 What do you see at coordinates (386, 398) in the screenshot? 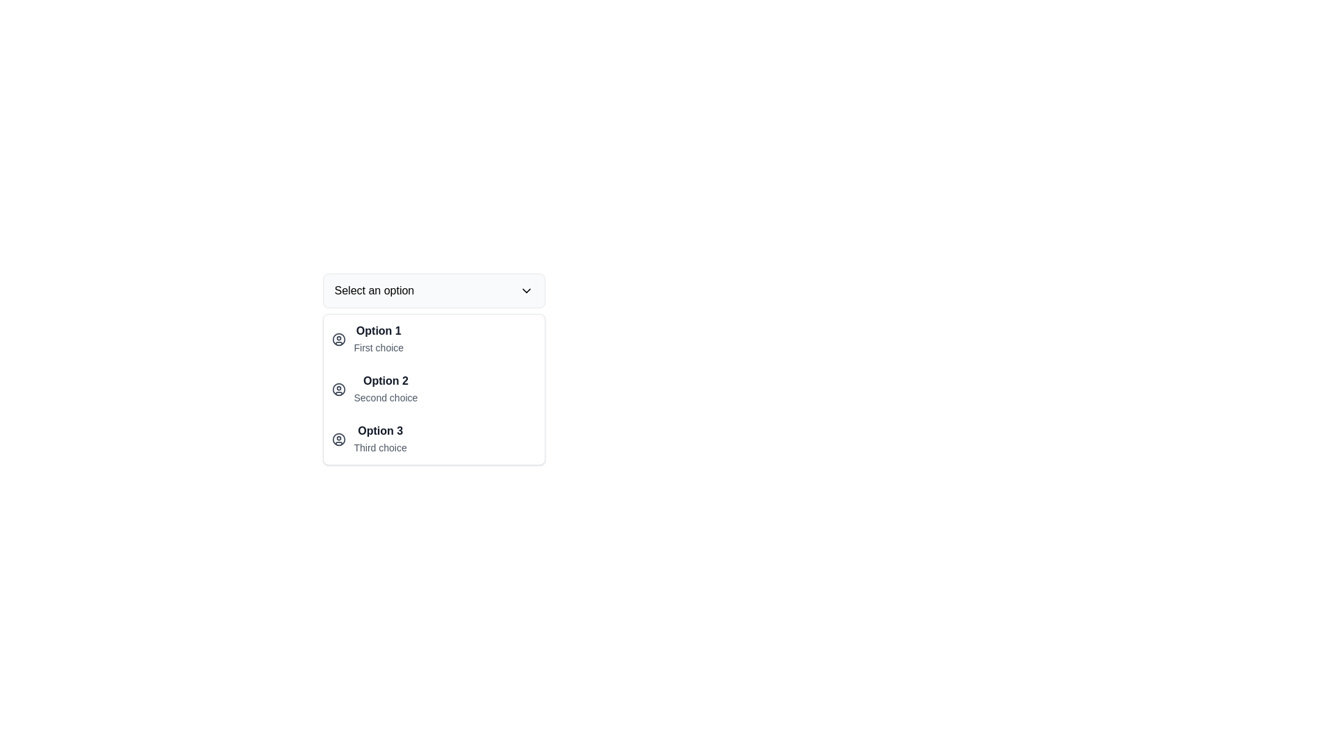
I see `the text label reading 'Second choice', which is positioned below the bold 'Option 2' label within the second section of the options list` at bounding box center [386, 398].